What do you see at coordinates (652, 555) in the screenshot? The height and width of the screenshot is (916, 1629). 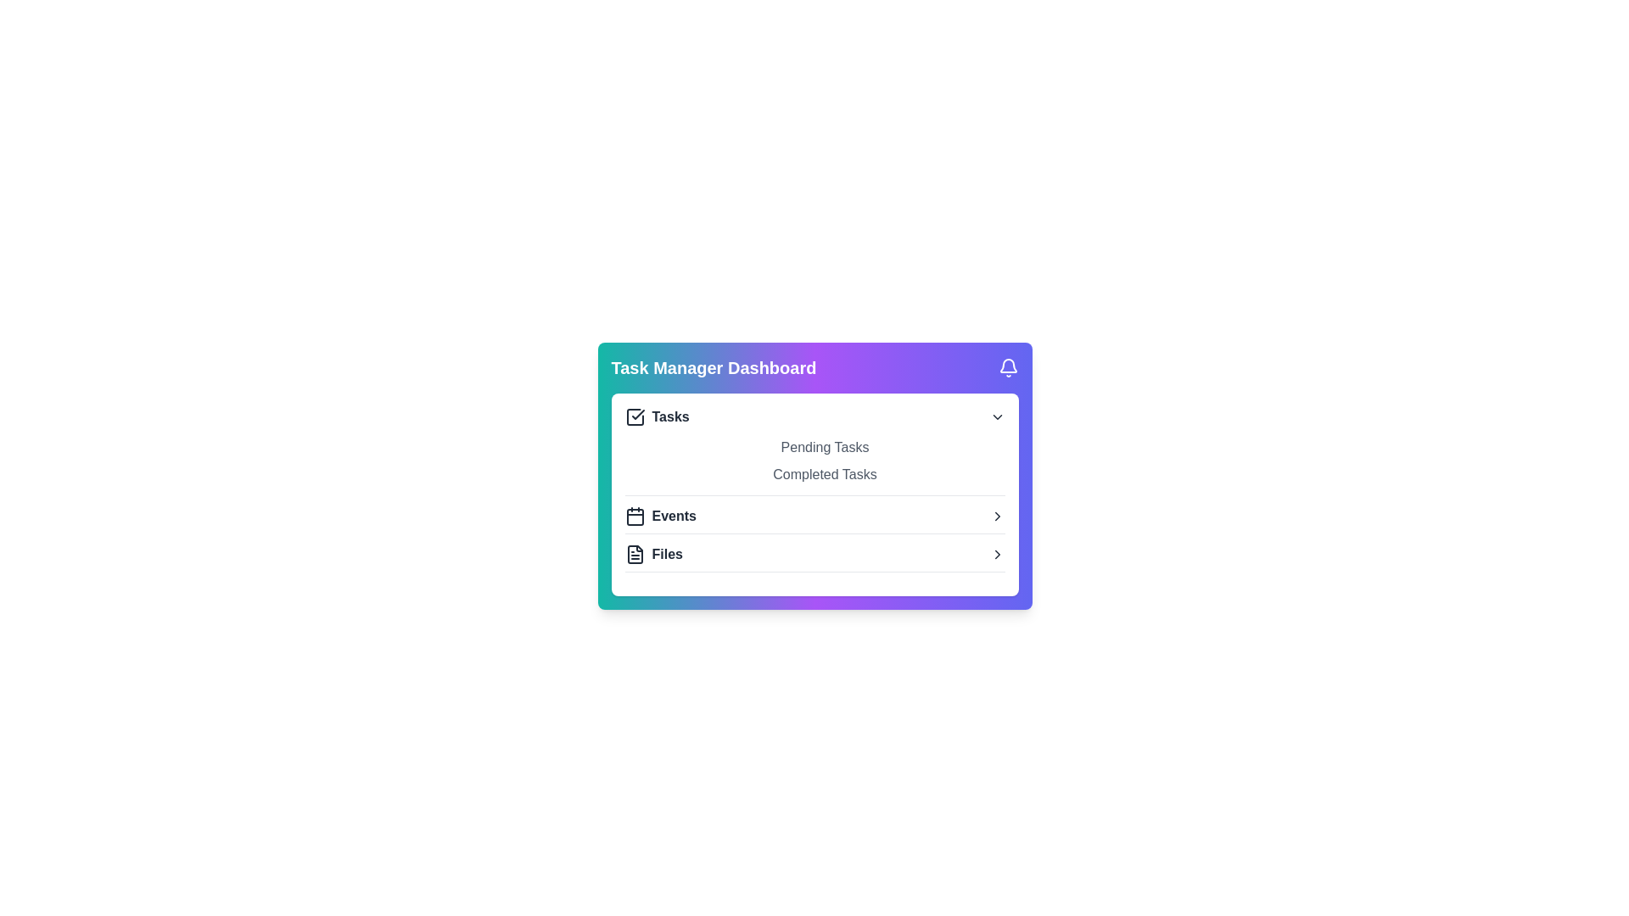 I see `the 'Files' navigation entry located in the bottom portion of the list of dashboard options, below the 'Events' entry` at bounding box center [652, 555].